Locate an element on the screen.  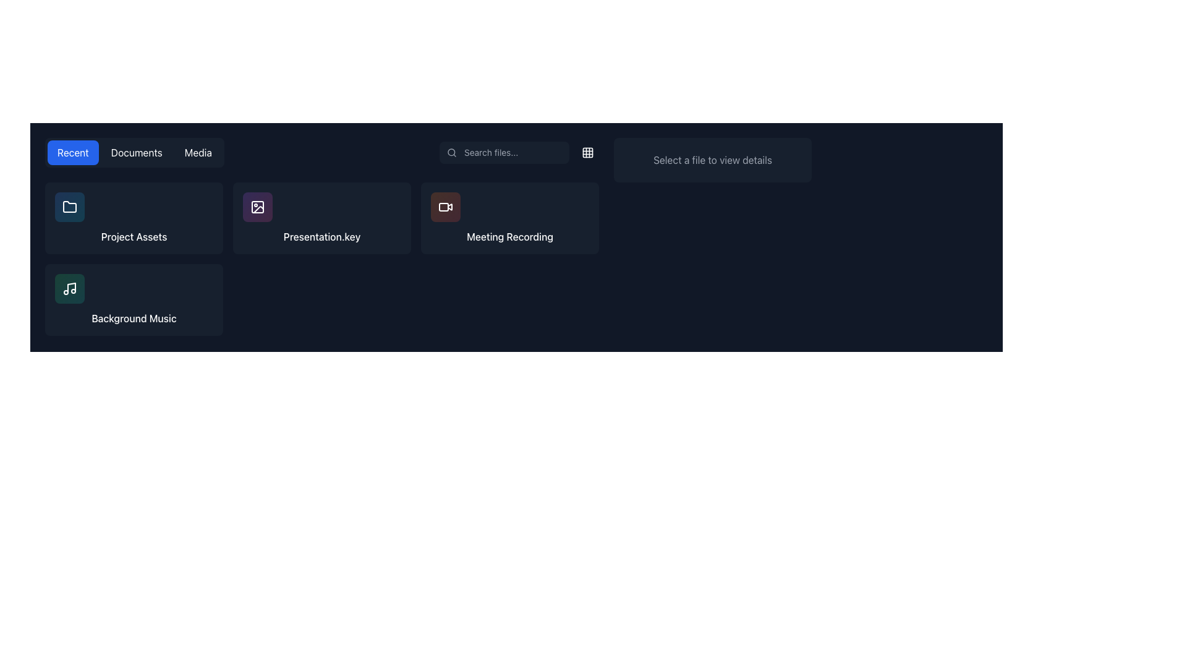
the button with an embedded grid icon located at the top-right end of the horizontal layout is located at coordinates (587, 152).